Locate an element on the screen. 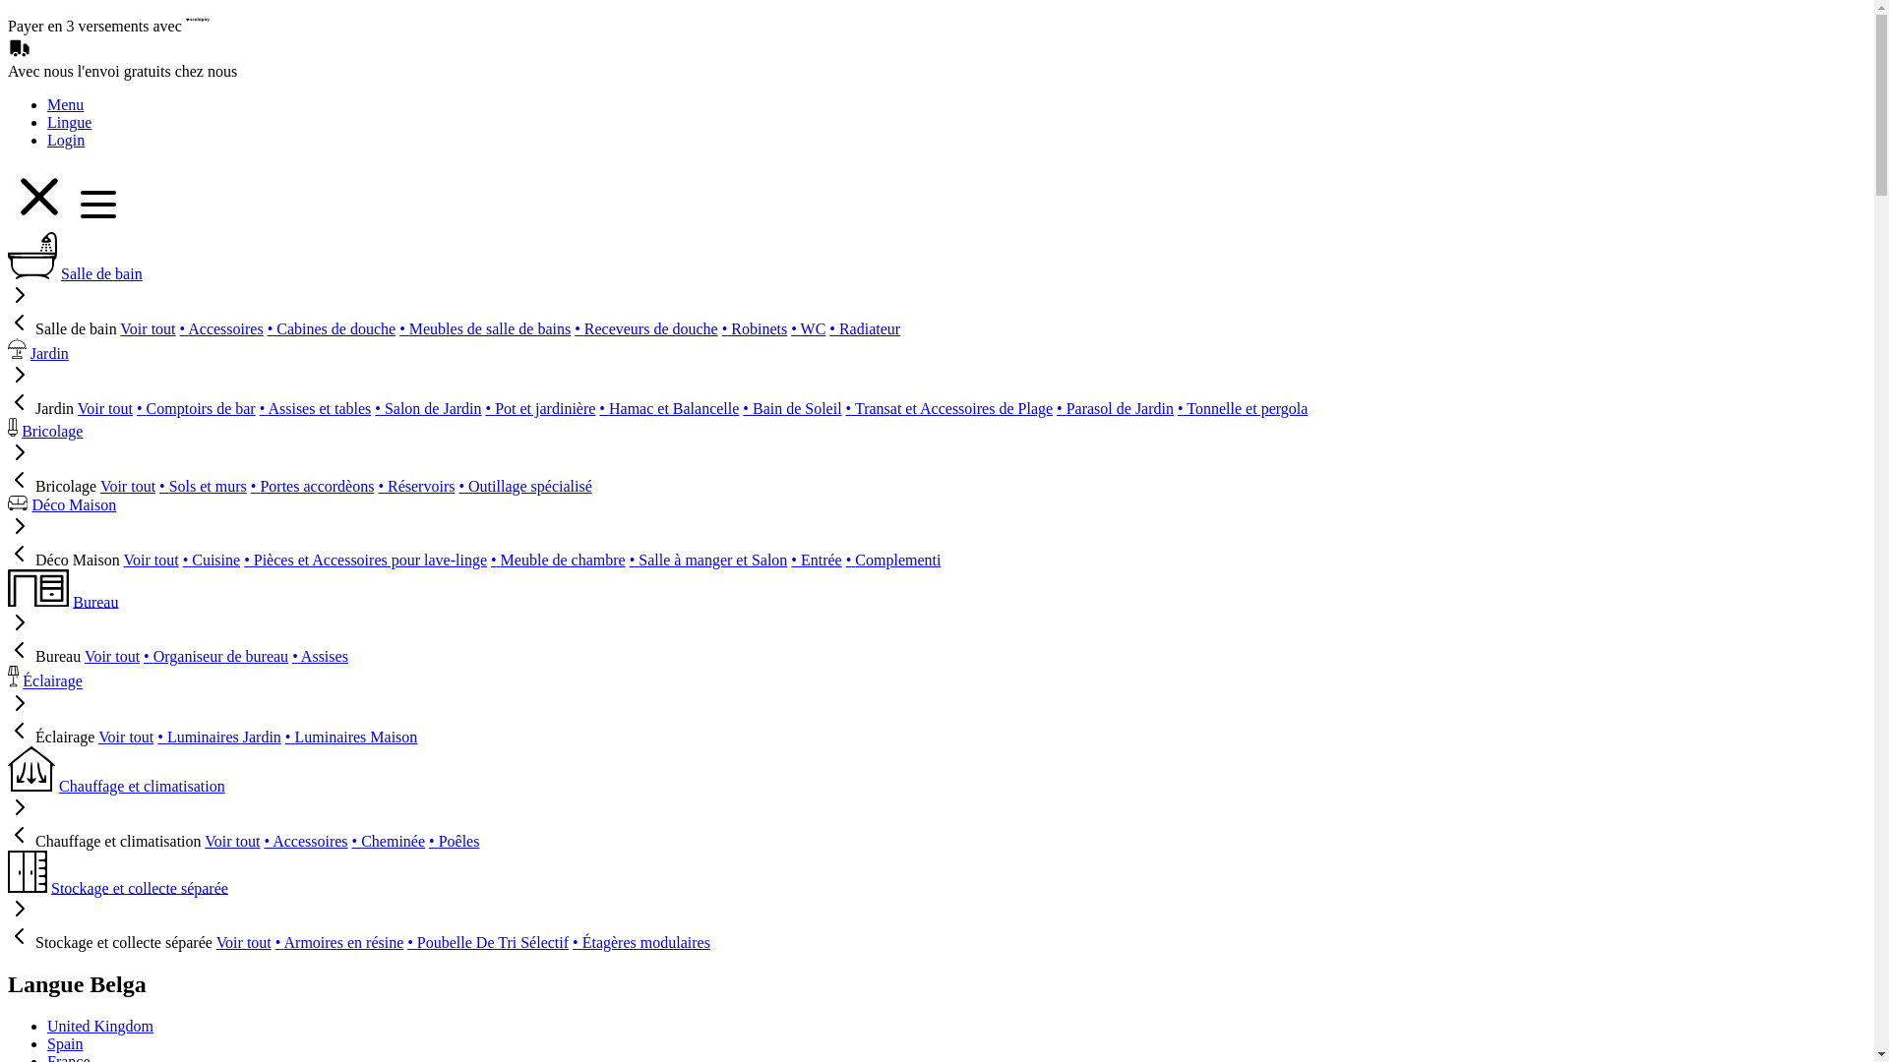  'chevron-right' is located at coordinates (19, 458).